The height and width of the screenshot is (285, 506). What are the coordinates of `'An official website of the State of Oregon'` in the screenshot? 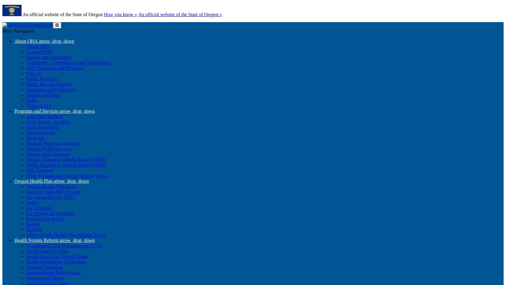 It's located at (63, 14).